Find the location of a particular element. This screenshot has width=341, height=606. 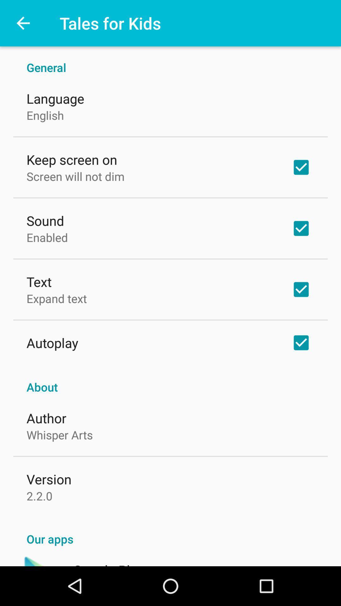

the icon below about is located at coordinates (46, 418).